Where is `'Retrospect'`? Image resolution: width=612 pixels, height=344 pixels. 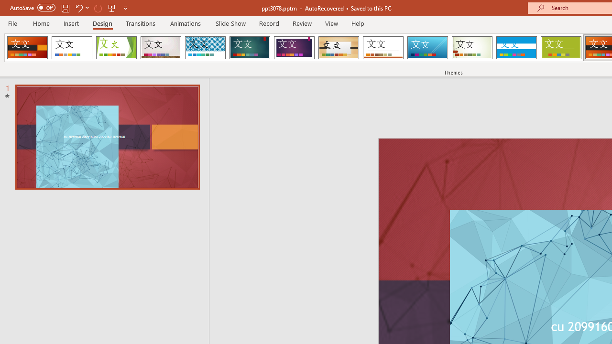 'Retrospect' is located at coordinates (383, 48).